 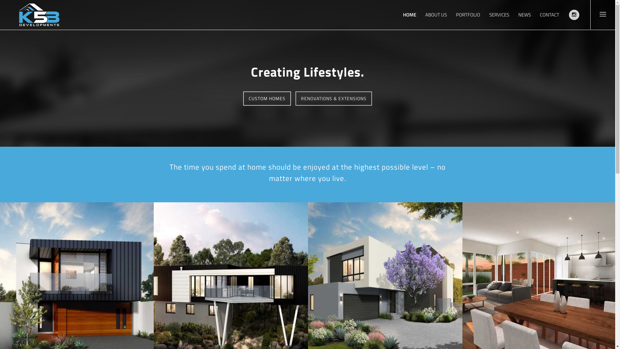 I want to click on 'CONTACT', so click(x=549, y=15).